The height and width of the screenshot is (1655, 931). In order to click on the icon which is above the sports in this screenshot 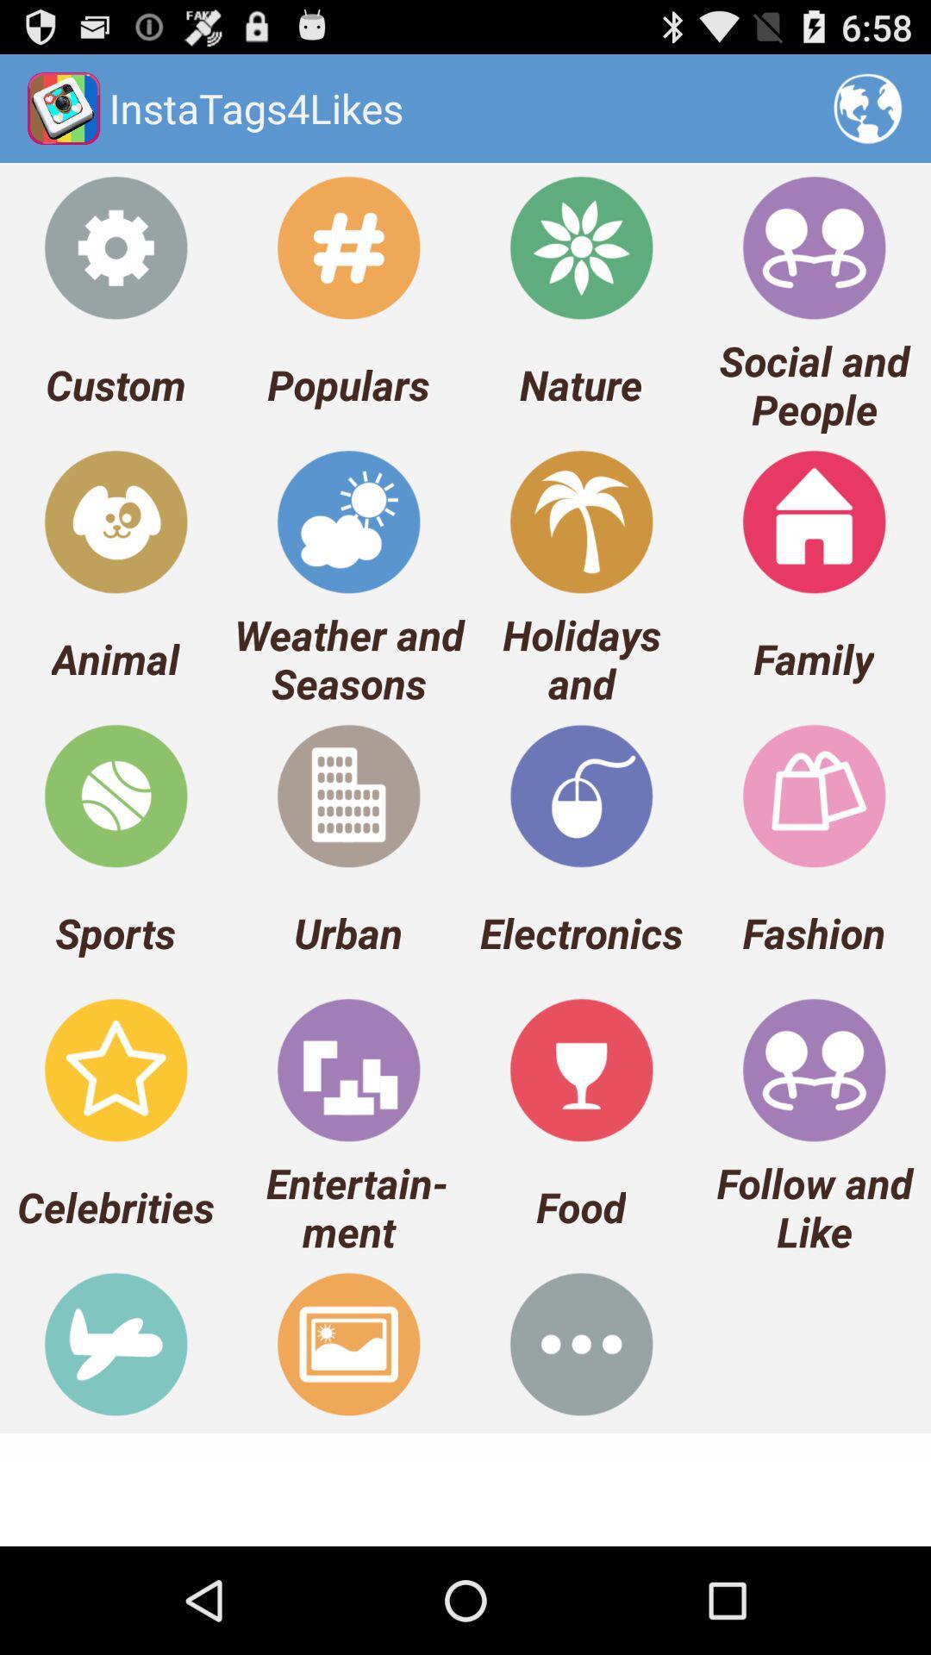, I will do `click(116, 795)`.